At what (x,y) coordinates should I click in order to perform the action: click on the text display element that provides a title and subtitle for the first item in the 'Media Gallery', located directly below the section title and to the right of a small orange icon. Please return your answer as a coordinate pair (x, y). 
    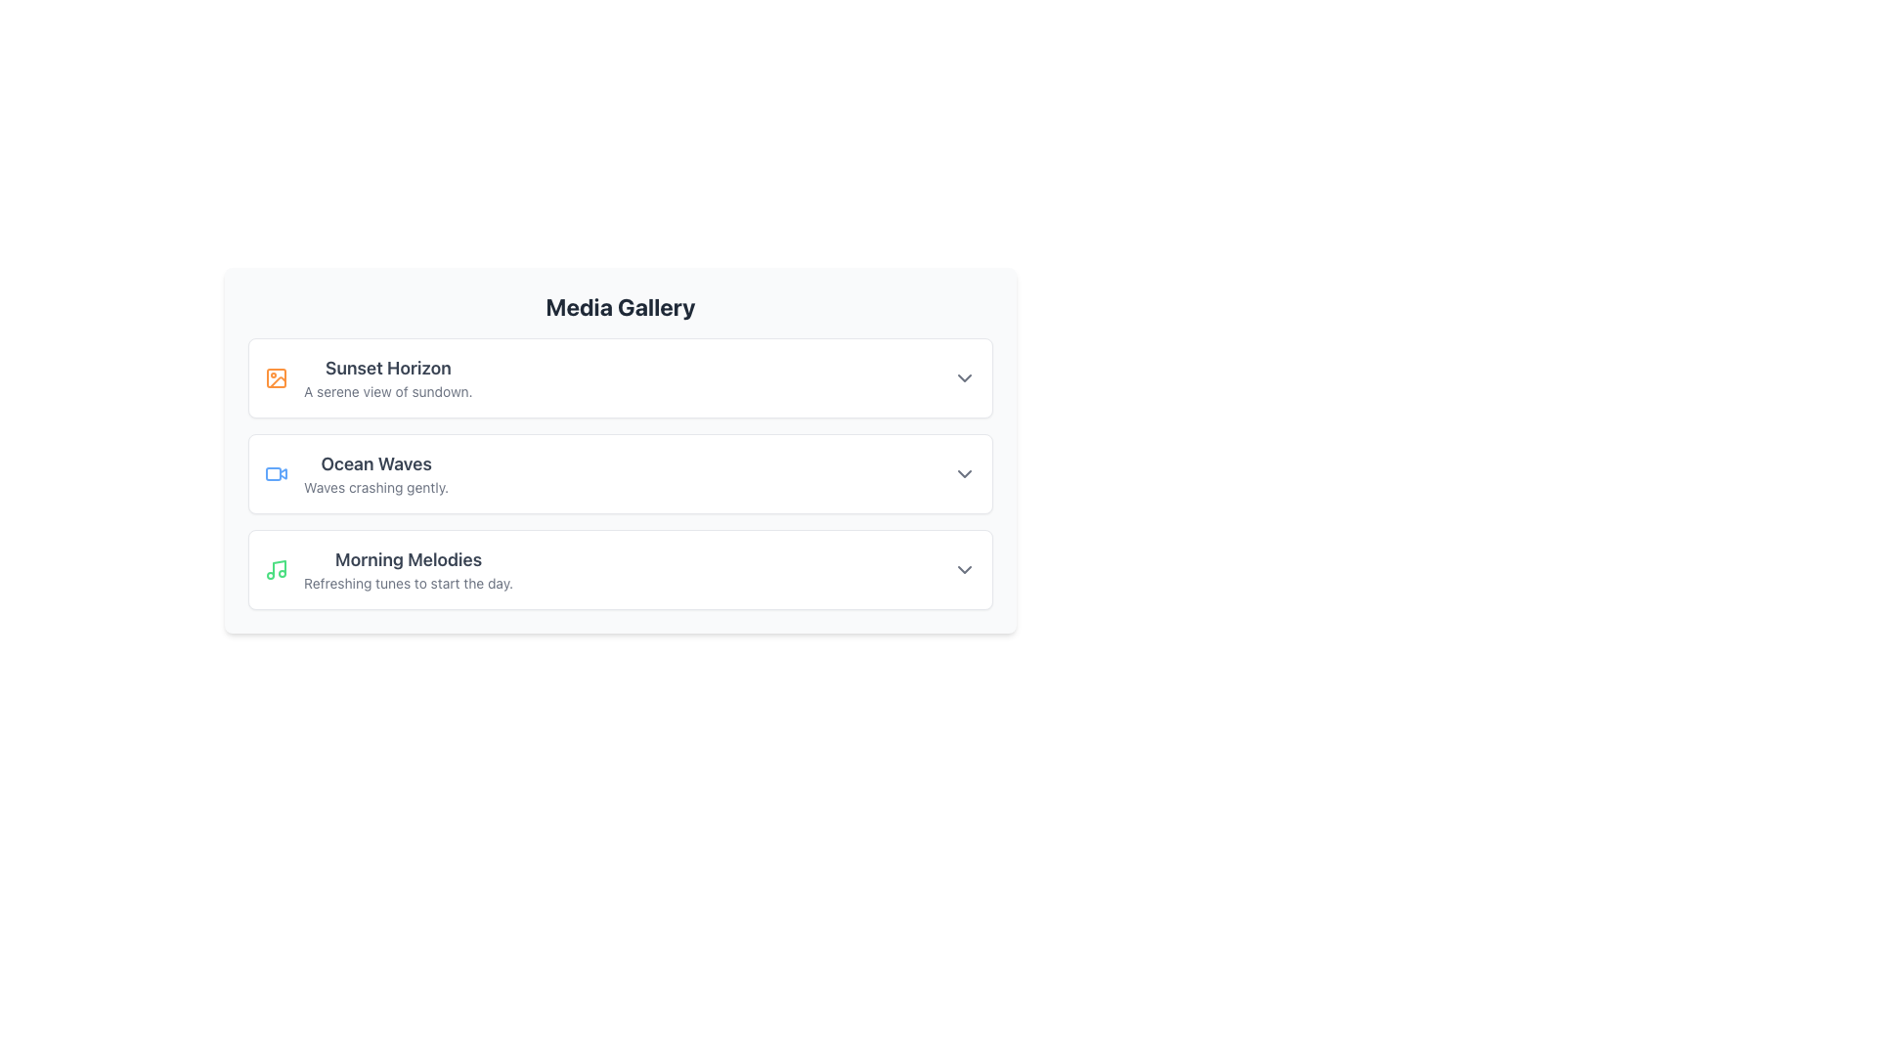
    Looking at the image, I should click on (388, 377).